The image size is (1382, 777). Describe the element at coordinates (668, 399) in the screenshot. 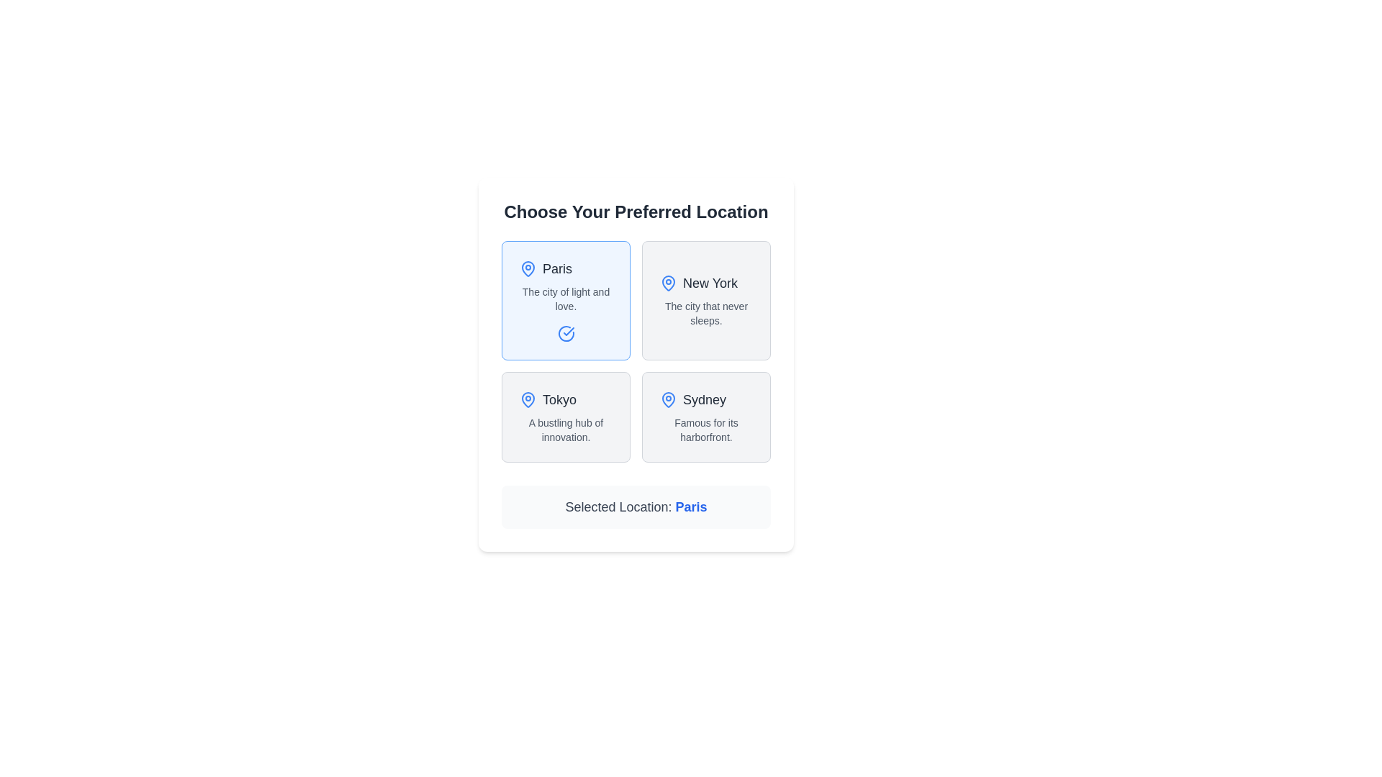

I see `the blue location pin icon representing the geographic point next to the 'Sydney' label` at that location.